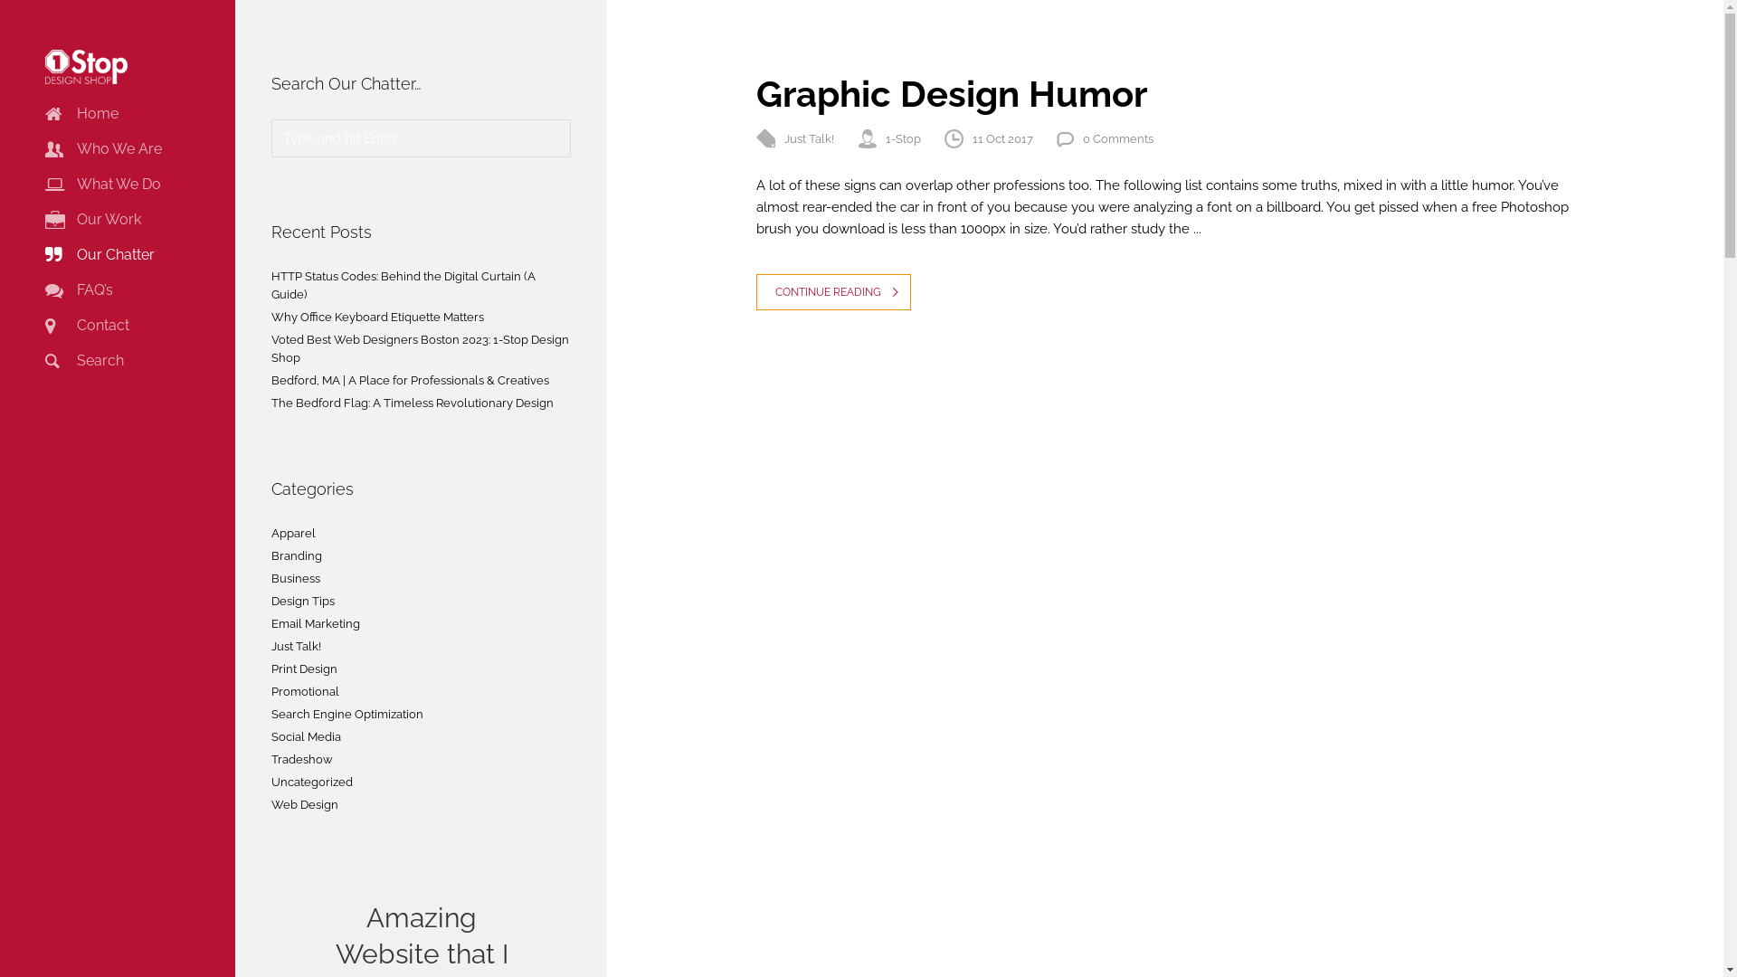  I want to click on 'HTTP Status Codes: Behind the Digital Curtain (A Guide)', so click(403, 285).